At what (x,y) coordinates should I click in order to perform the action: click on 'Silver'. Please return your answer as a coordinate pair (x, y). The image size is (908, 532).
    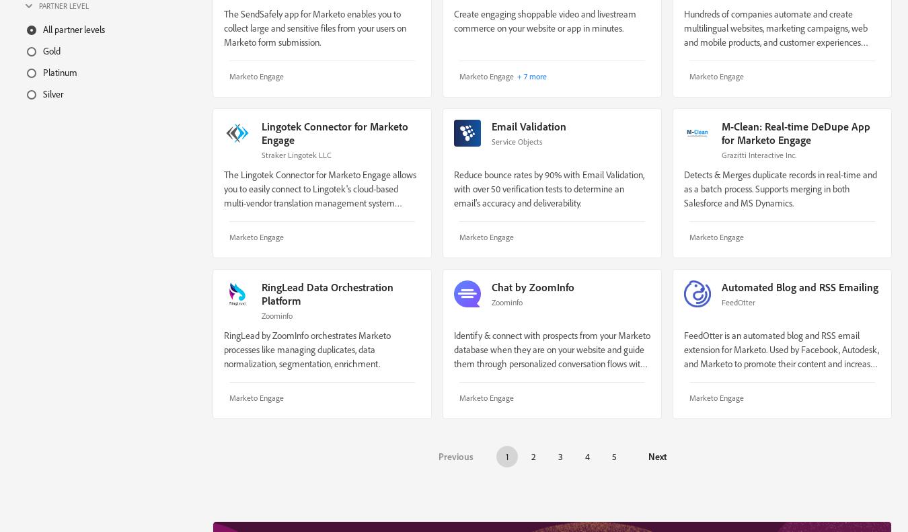
    Looking at the image, I should click on (52, 92).